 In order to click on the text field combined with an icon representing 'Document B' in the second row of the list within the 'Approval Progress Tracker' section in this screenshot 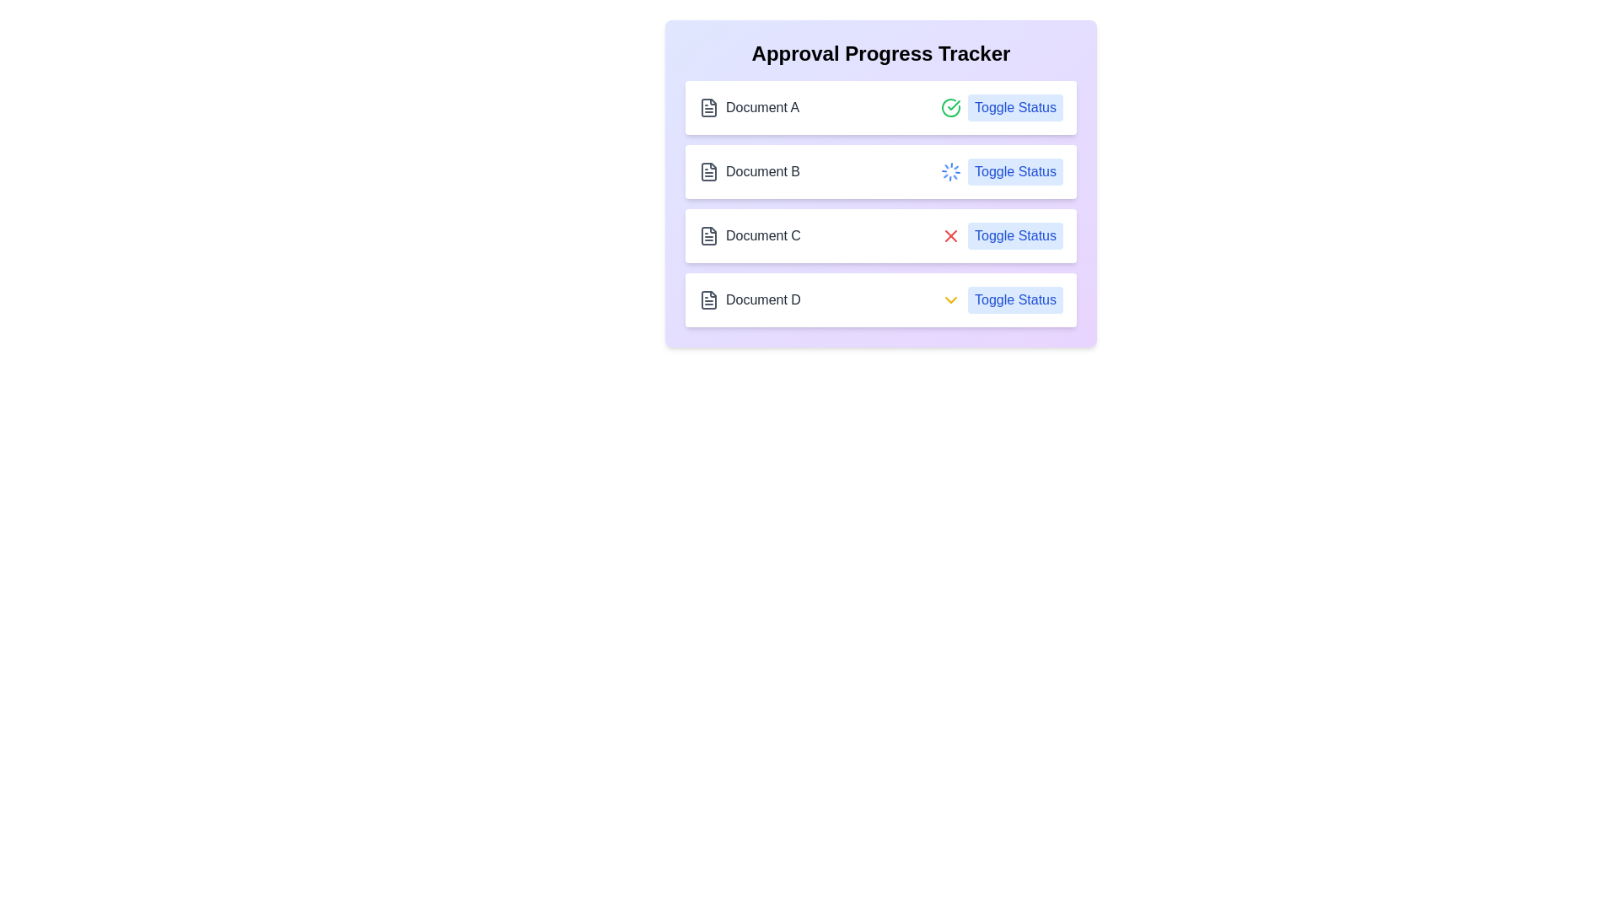, I will do `click(748, 172)`.